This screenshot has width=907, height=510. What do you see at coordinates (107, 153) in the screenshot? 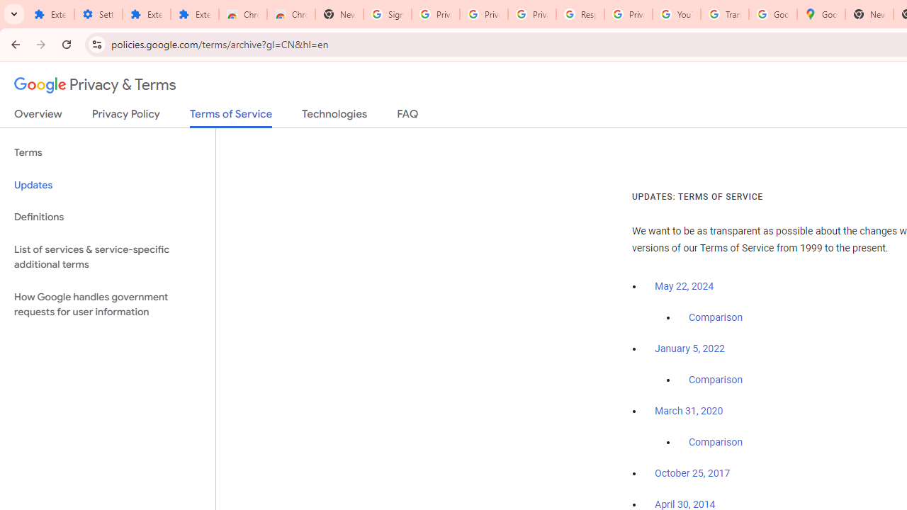
I see `'Terms'` at bounding box center [107, 153].